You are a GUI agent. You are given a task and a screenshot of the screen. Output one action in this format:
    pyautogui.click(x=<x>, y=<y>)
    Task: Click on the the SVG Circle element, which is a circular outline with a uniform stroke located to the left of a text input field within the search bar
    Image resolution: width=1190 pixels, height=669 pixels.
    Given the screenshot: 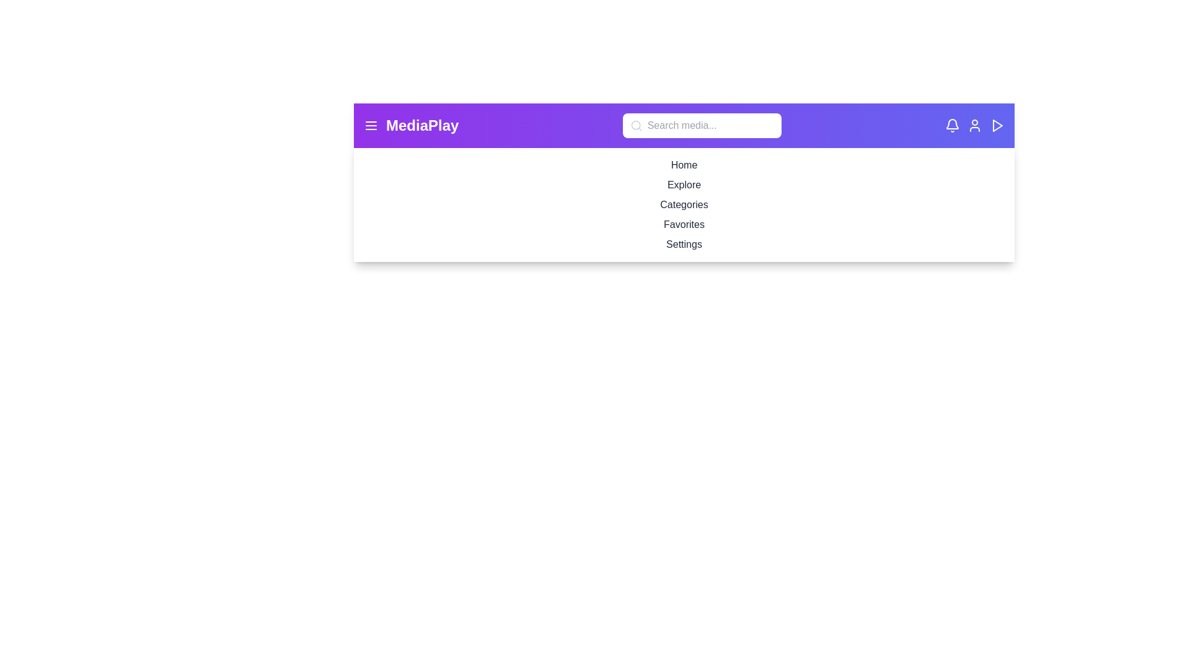 What is the action you would take?
    pyautogui.click(x=635, y=125)
    